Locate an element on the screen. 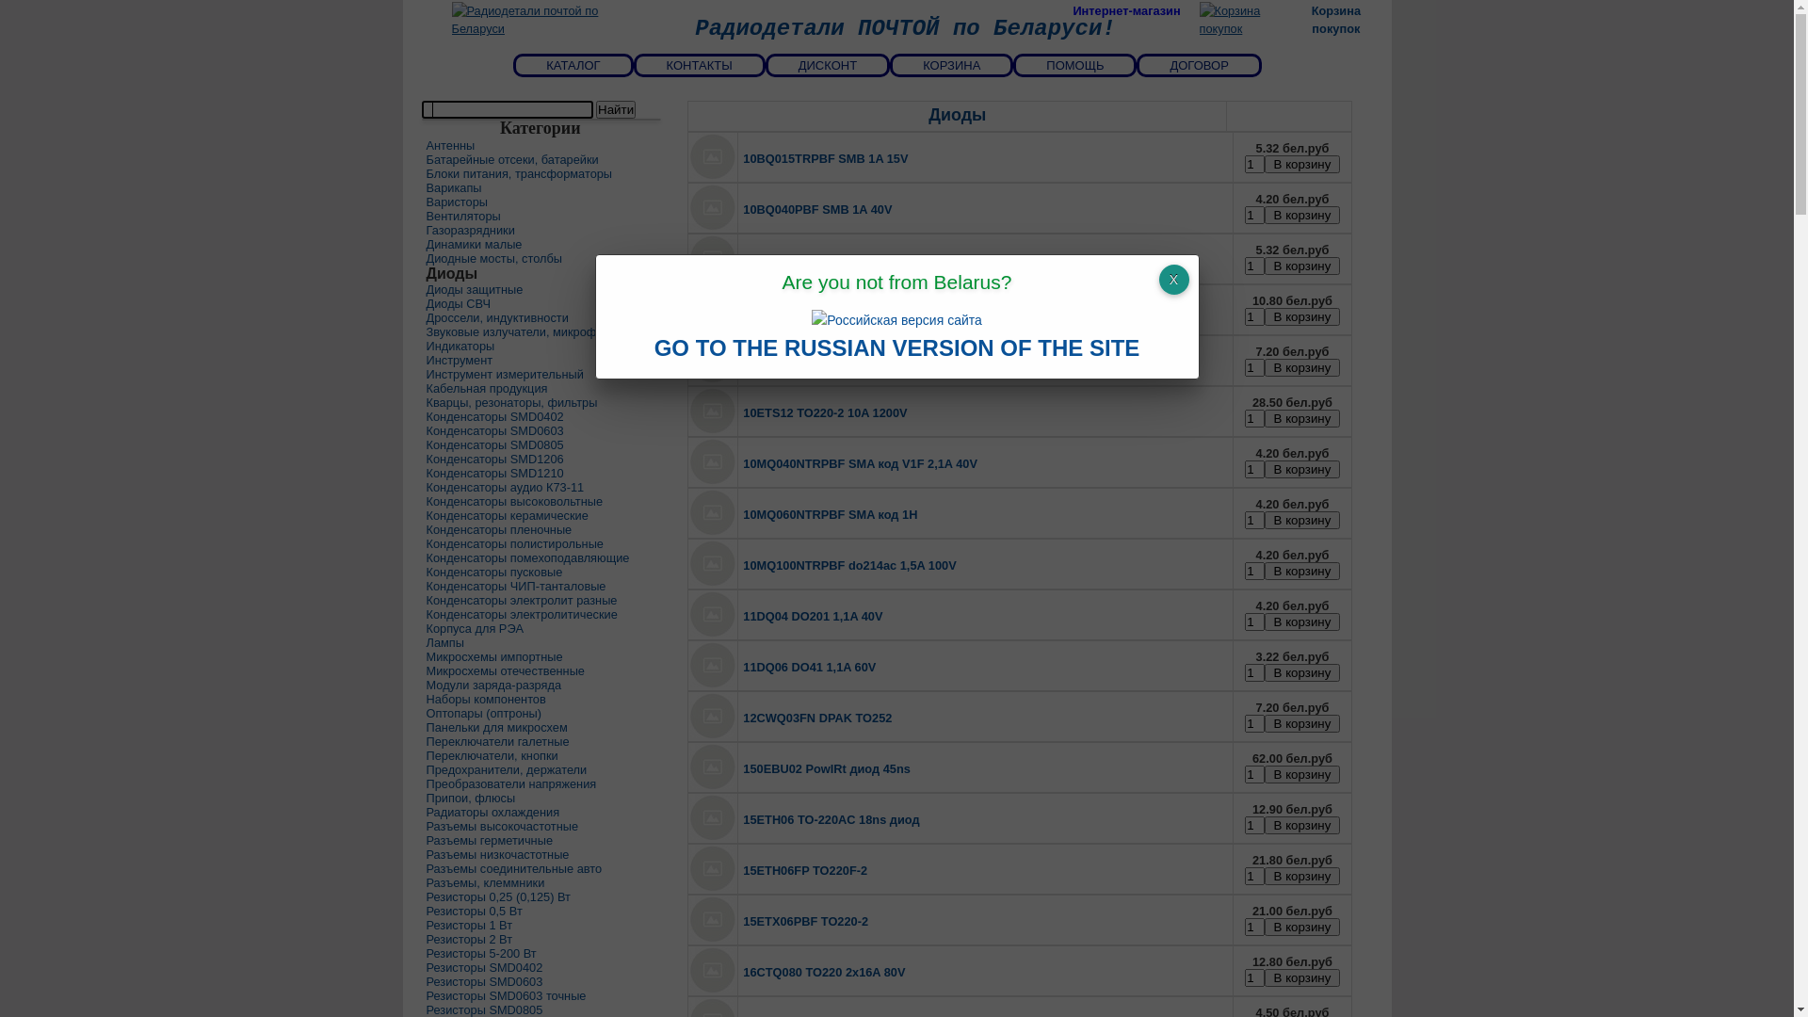 This screenshot has width=1808, height=1017. '15ETH06FP TO220F-2' is located at coordinates (804, 870).